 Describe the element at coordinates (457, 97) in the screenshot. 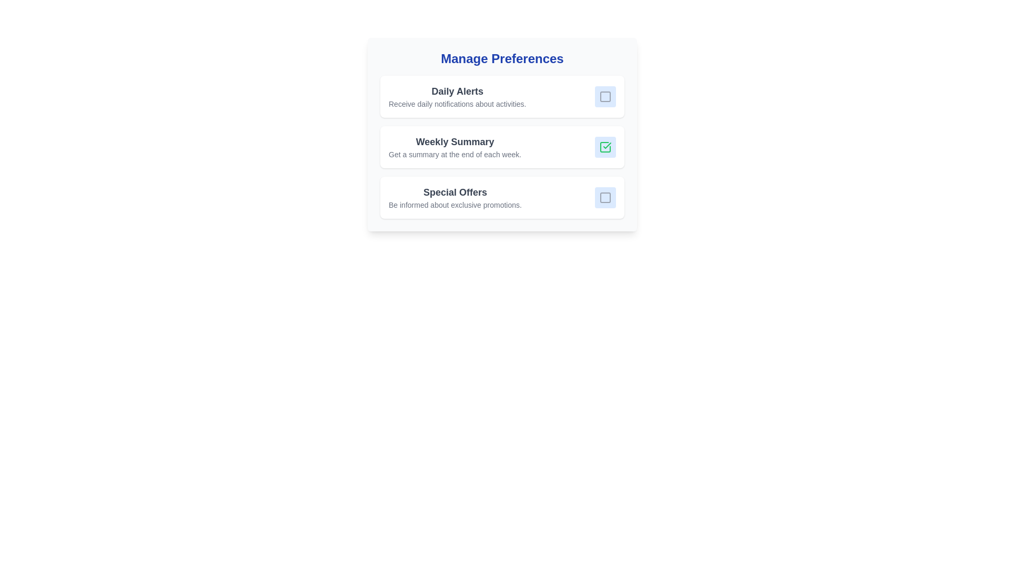

I see `the 'Daily Alerts' text block, which describes the option's functionality within the list of preferences, located at the top of the 'Manage Preferences' card layout` at that location.